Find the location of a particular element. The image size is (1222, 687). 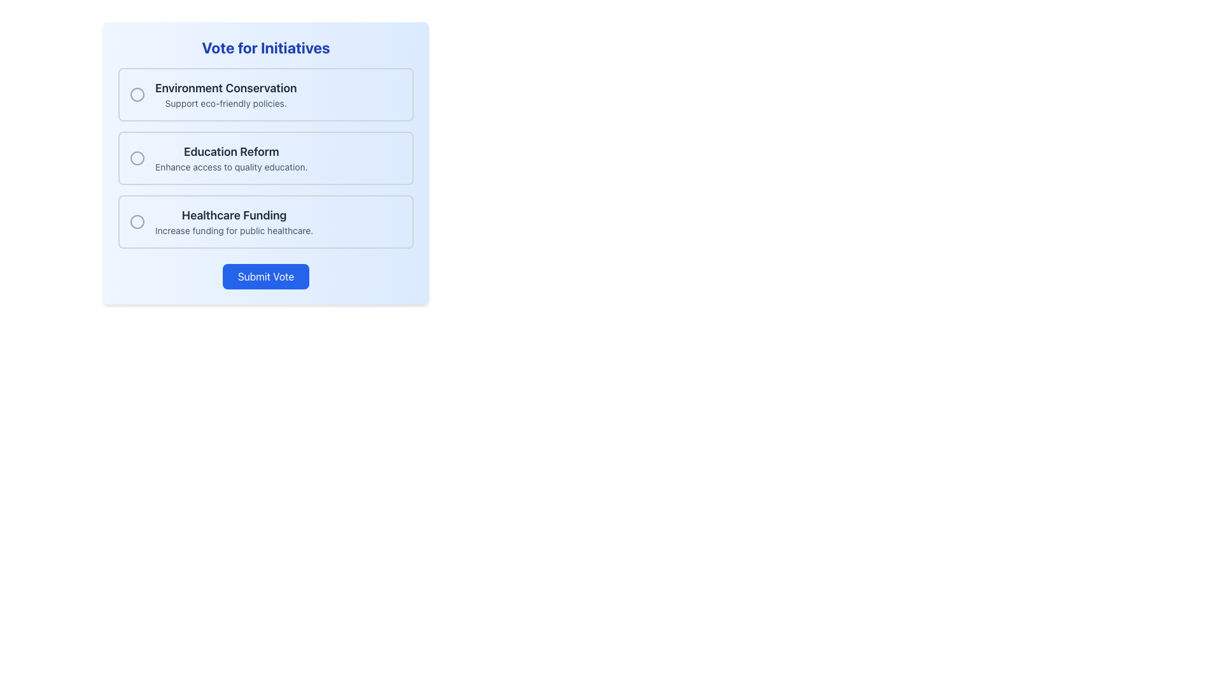

the descriptive label for 'Environment Conservation' in the voting interface, which is positioned below the heading and centered within the first option box is located at coordinates (226, 102).